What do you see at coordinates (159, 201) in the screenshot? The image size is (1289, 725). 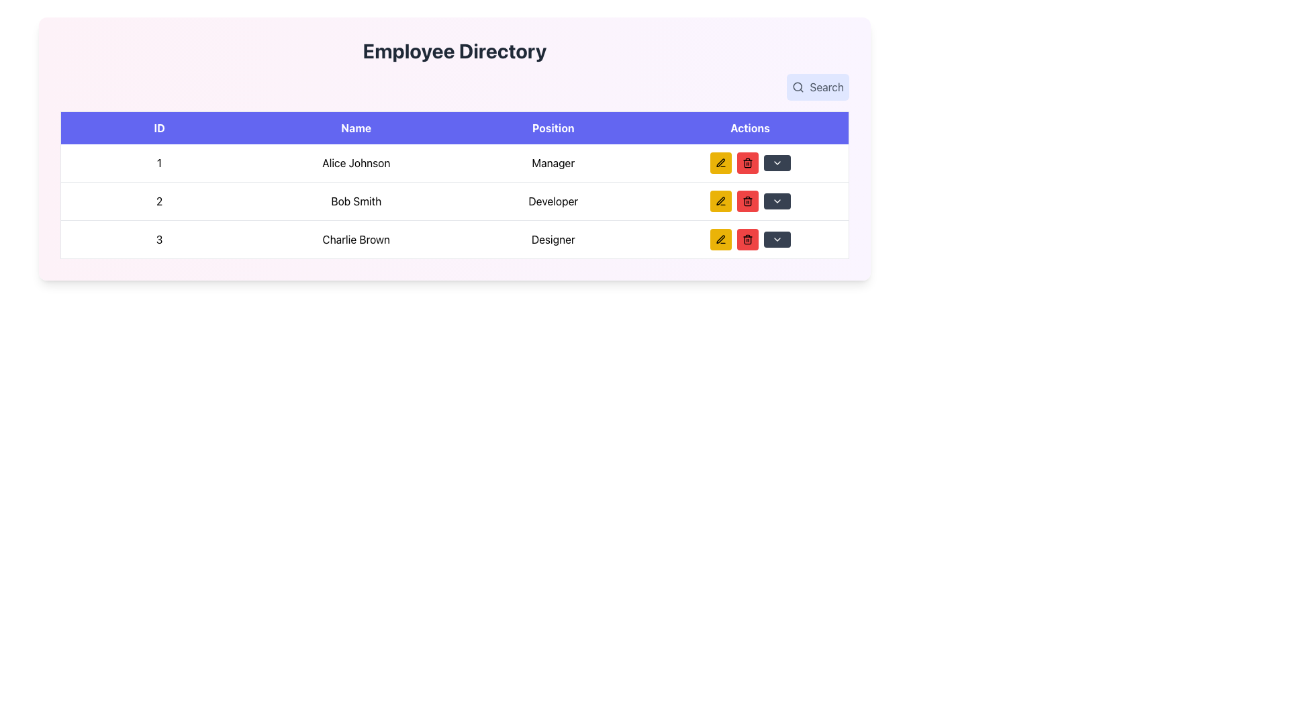 I see `the text element displaying the number '2' in black, located in the second row under the 'ID' column, to the left of 'Bob Smith' and 'Developer'` at bounding box center [159, 201].